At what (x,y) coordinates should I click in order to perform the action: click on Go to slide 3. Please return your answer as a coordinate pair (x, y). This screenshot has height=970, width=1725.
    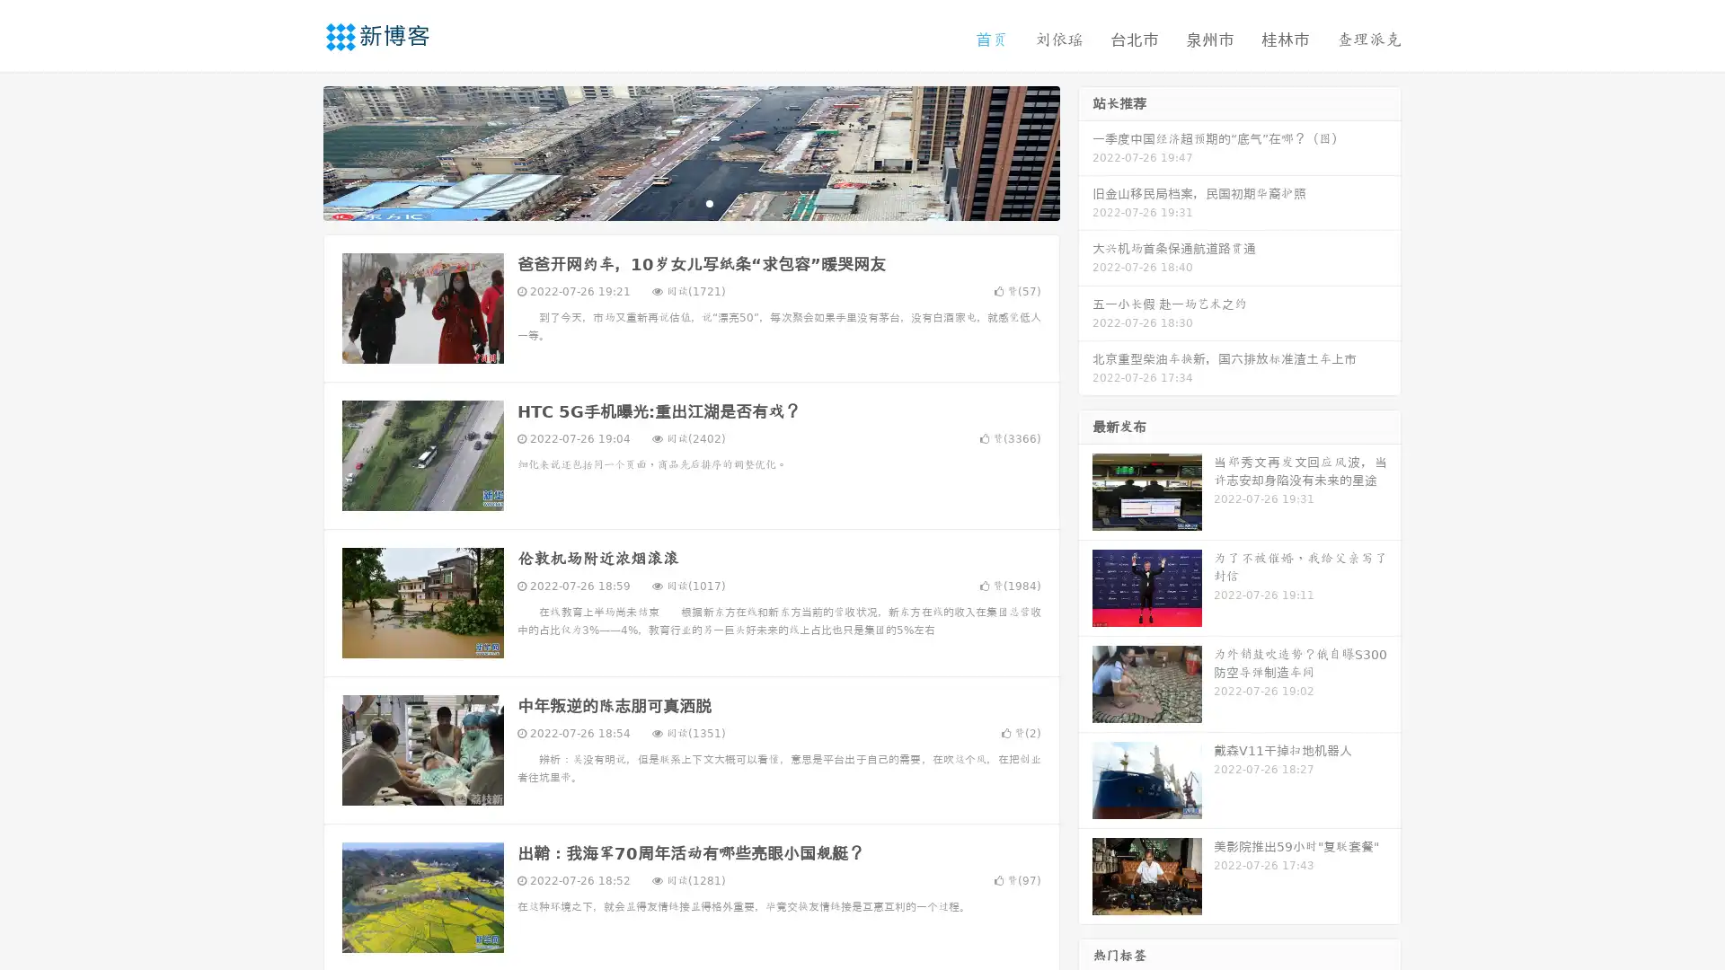
    Looking at the image, I should click on (709, 202).